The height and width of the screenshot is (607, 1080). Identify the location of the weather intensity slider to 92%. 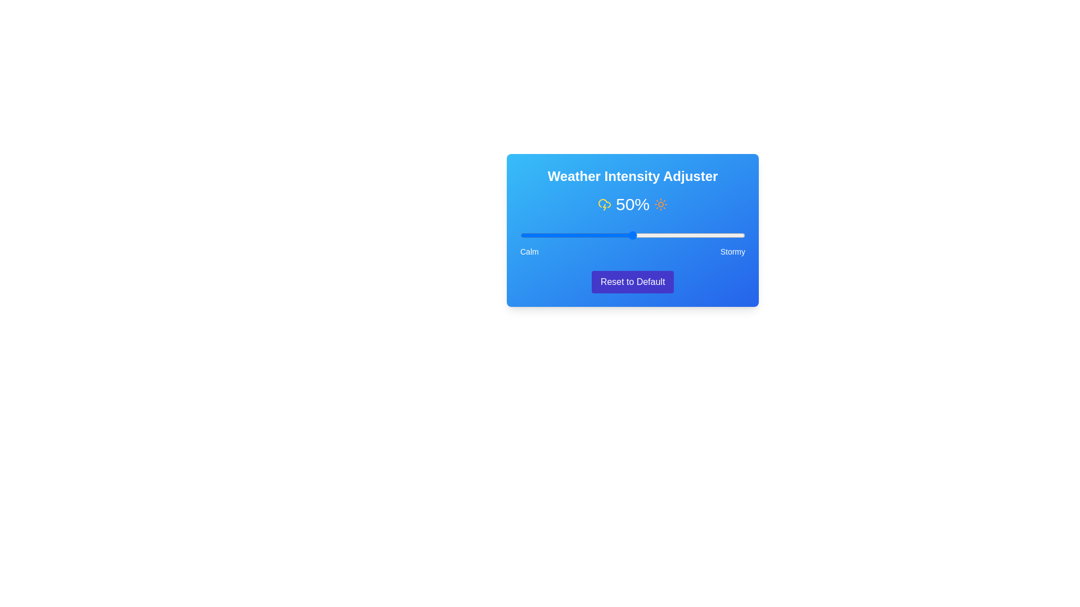
(727, 235).